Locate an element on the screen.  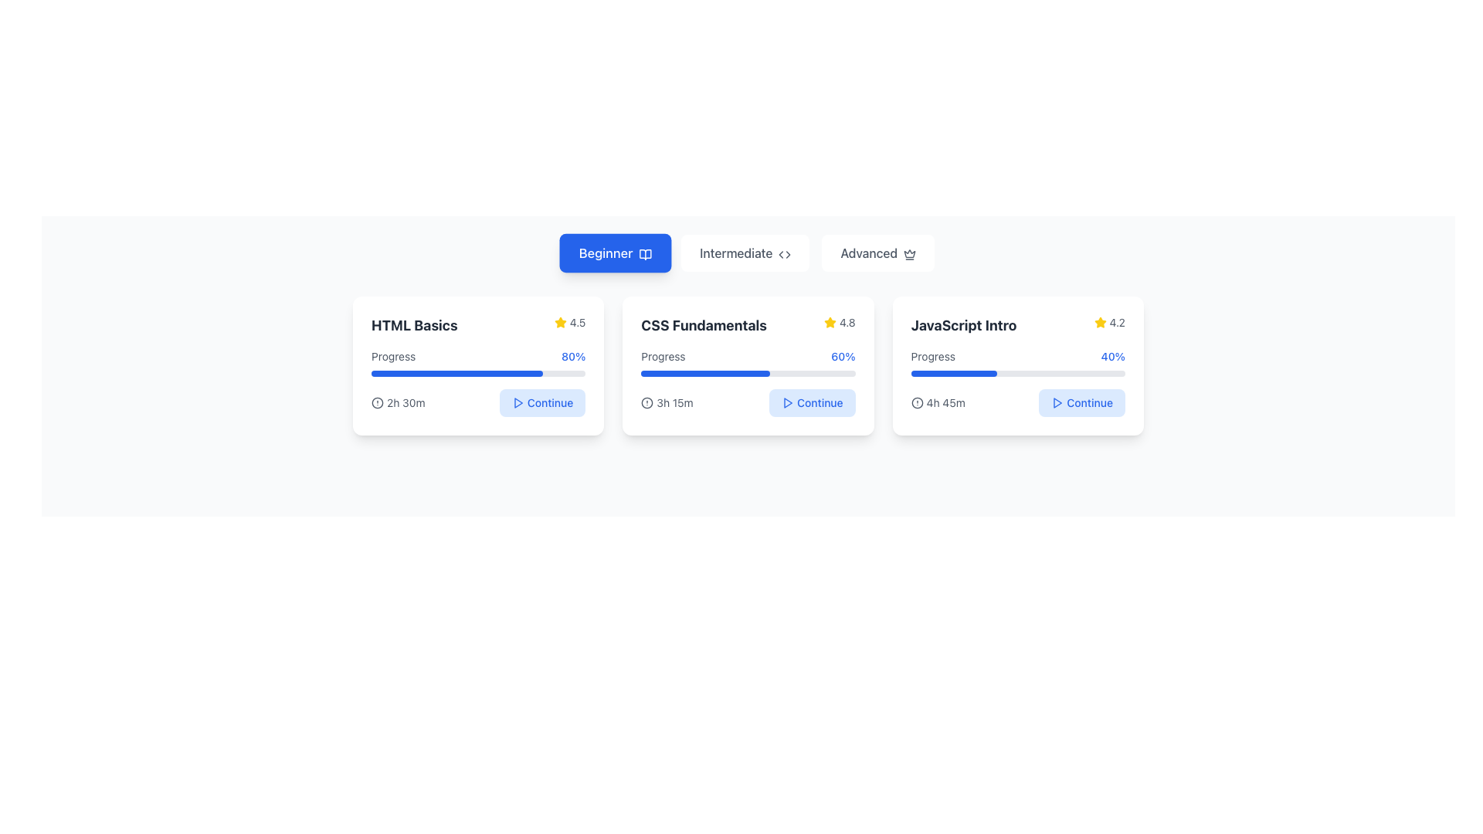
horizontal progress bar with a light gray background and blue filling, located in the 'CSS Fundamentals' card, positioned below the 'Progress' label is located at coordinates (748, 373).